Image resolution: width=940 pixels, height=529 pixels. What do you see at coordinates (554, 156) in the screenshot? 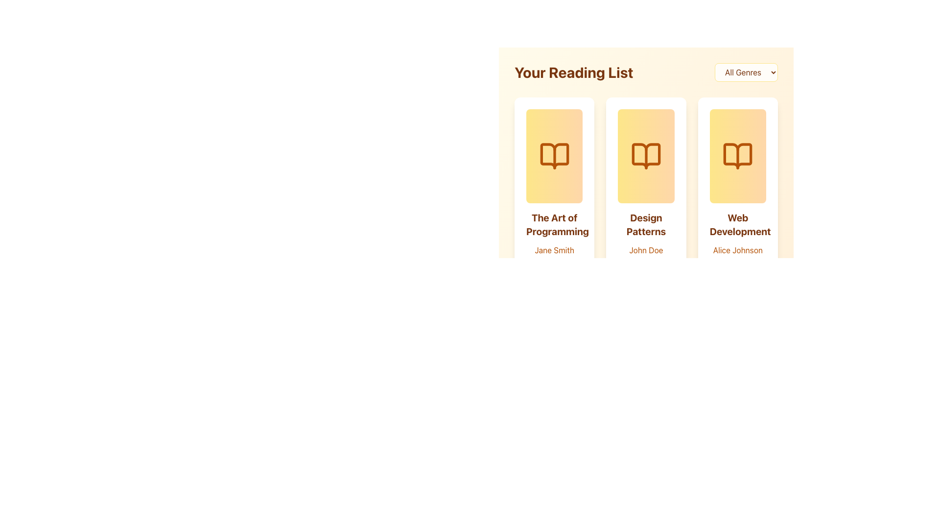
I see `the orange open book icon located centrally within the yellow-to-orange gradient background in the leftmost card of the 'Your Reading List' section` at bounding box center [554, 156].